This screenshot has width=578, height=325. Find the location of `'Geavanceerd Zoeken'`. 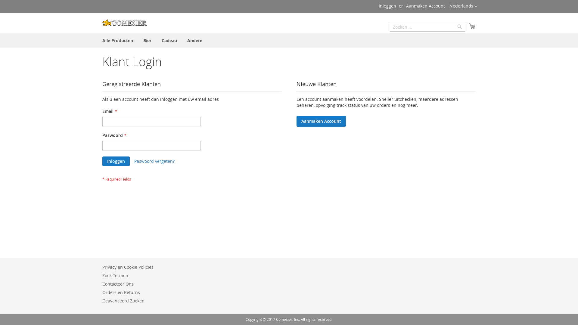

'Geavanceerd Zoeken' is located at coordinates (123, 301).